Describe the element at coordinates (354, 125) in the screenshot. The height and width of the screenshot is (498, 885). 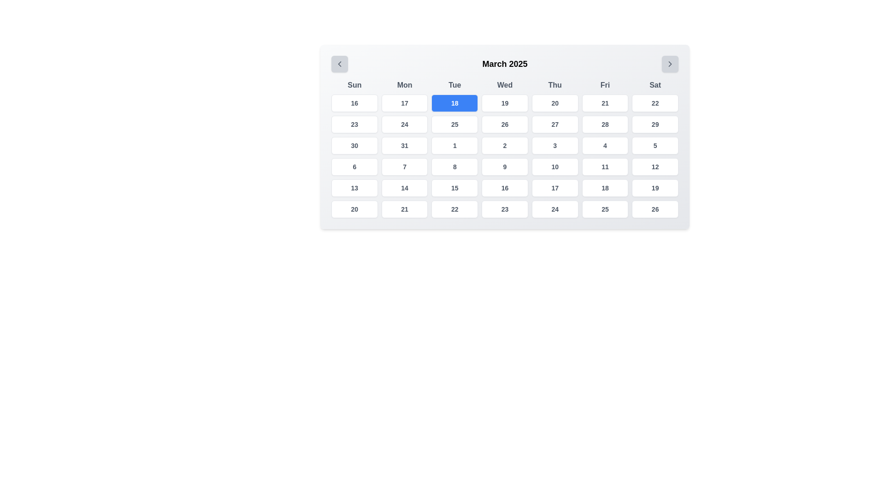
I see `the button element representing the date '23'` at that location.